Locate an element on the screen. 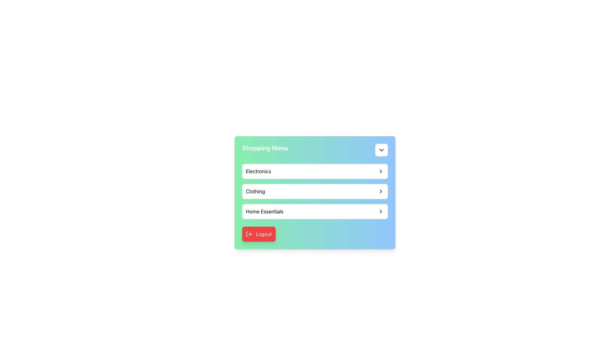  the 'Clothing' button in the 'Shopping Menu', which is the second item in the vertical list, to change its appearance is located at coordinates (315, 191).